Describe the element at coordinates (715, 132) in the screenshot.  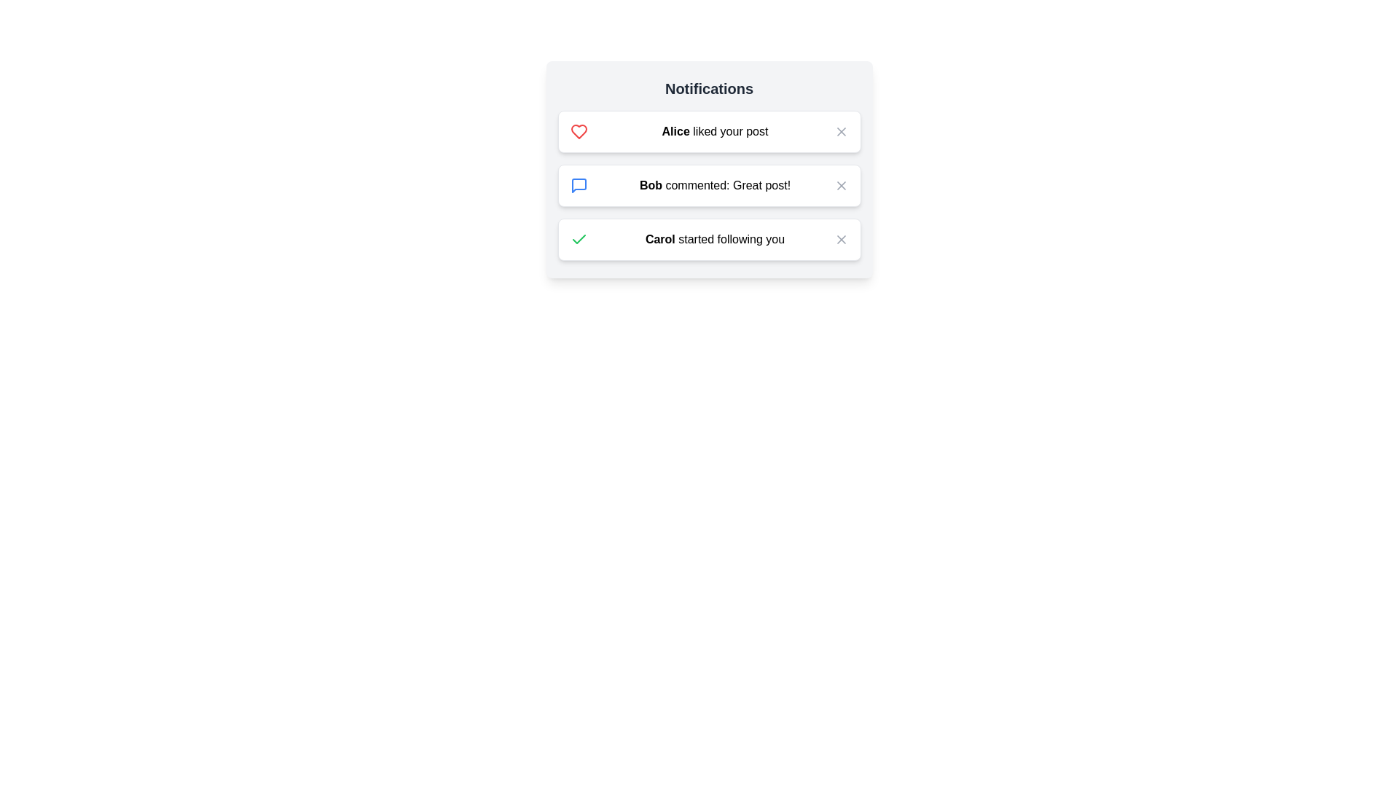
I see `the text label displaying 'Alice liked your post', which is located inside the first notification entry in the notifications panel, and is horizontally centered between a red heart icon and a close button` at that location.